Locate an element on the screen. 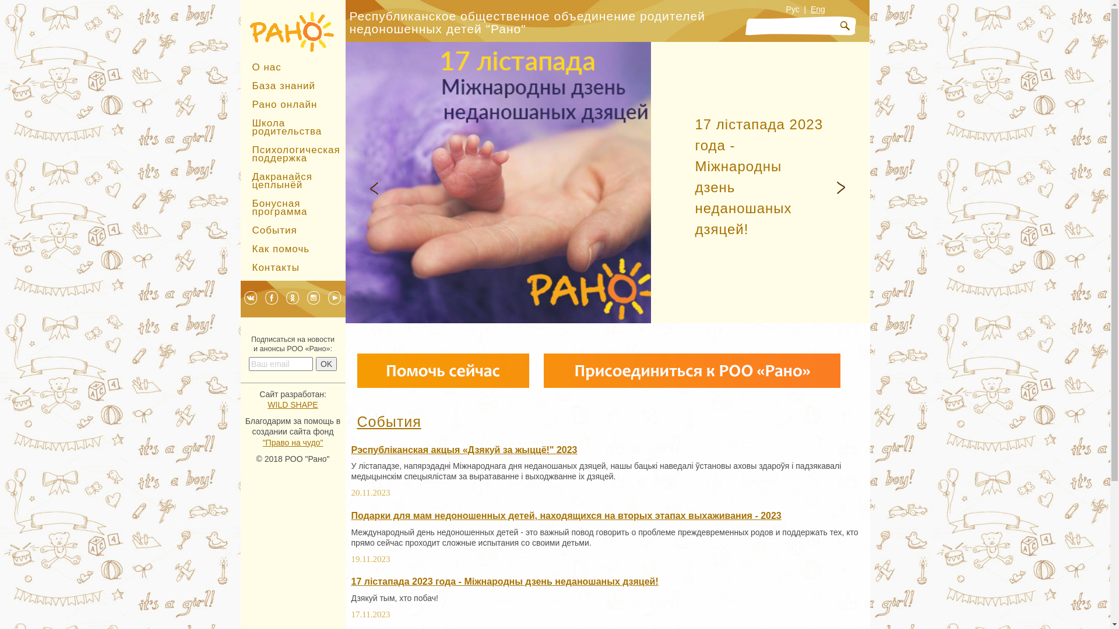 This screenshot has height=629, width=1119. 'Eng' is located at coordinates (817, 9).